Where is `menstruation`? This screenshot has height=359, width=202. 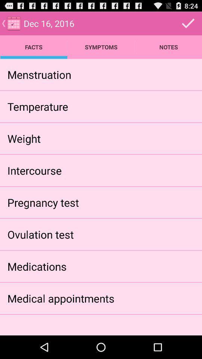
menstruation is located at coordinates (39, 74).